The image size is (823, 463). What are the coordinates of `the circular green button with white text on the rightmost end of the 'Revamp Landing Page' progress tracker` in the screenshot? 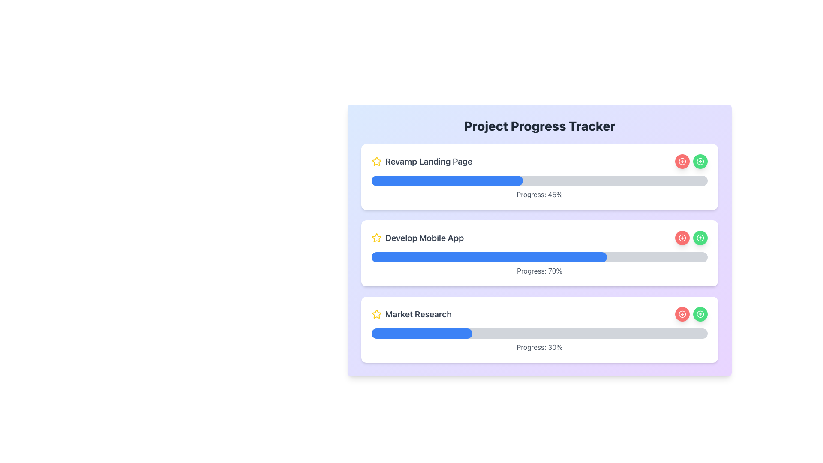 It's located at (700, 162).